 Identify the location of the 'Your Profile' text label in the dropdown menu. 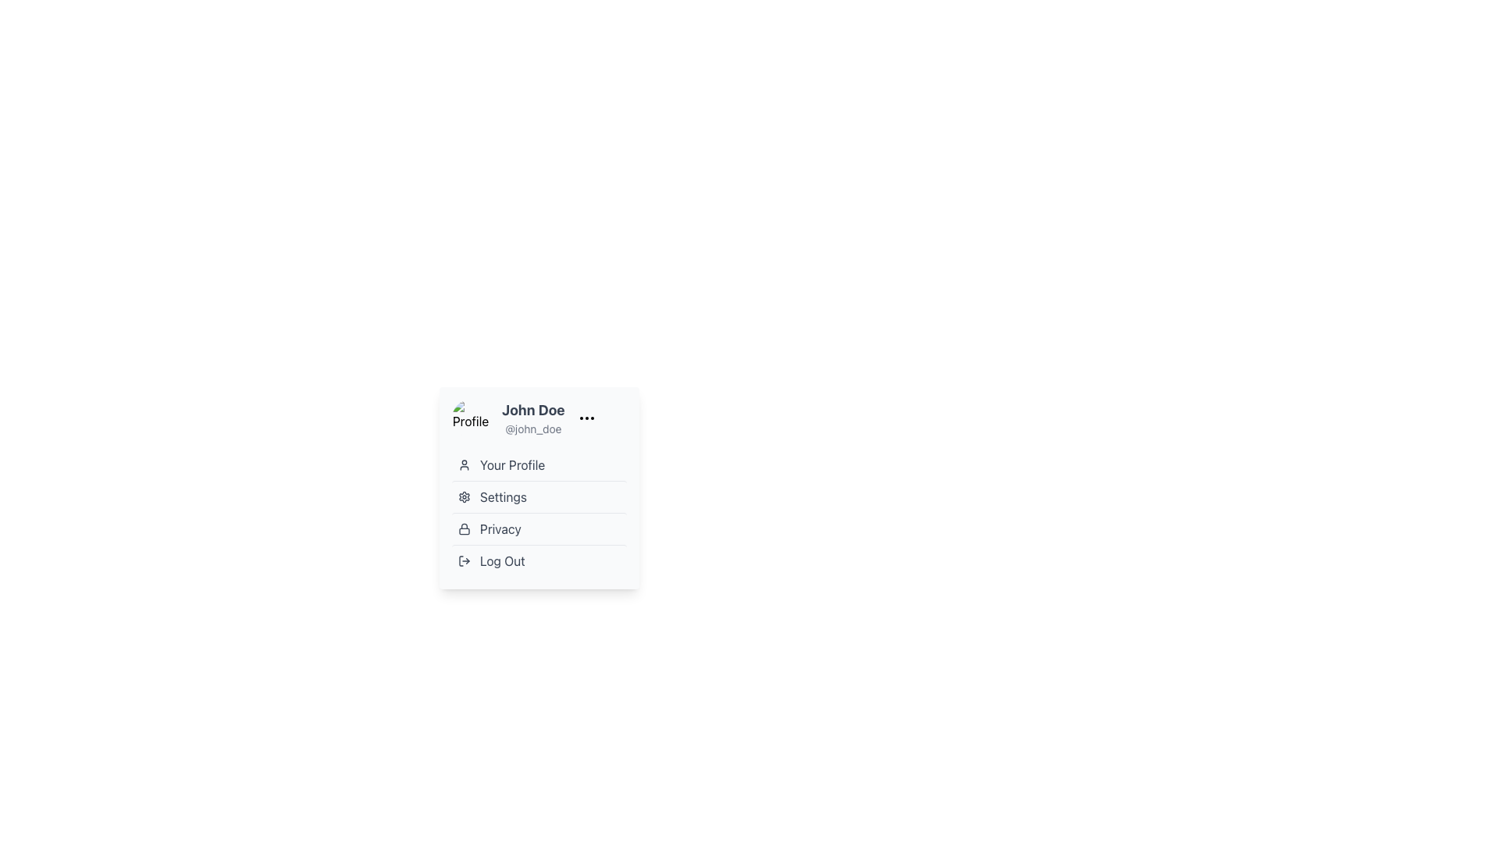
(512, 464).